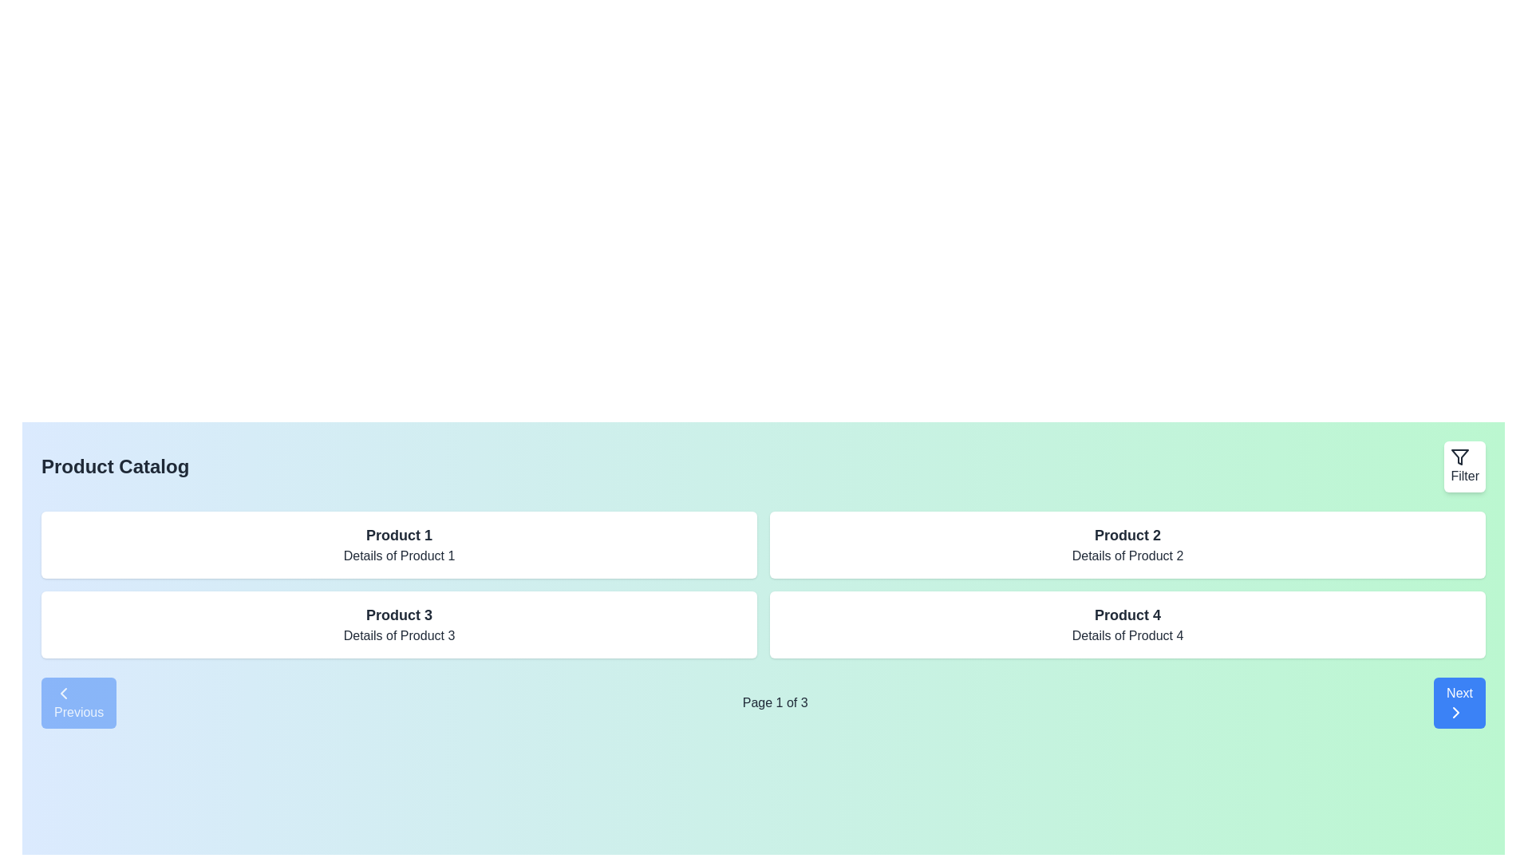  What do you see at coordinates (1460, 457) in the screenshot?
I see `the triangular funnel icon representing a filter, located at the top-right corner of the product catalog interface within the 'Filter' button` at bounding box center [1460, 457].